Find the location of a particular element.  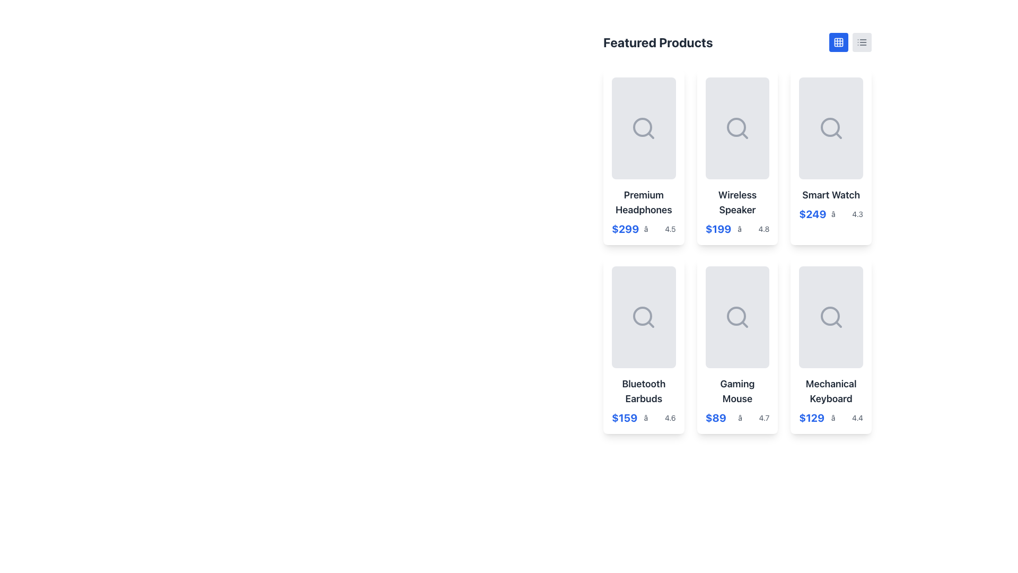

the text label displaying the price '$249', which is prominently shown in bold blue font below the product title 'Smart Watch' is located at coordinates (812, 214).